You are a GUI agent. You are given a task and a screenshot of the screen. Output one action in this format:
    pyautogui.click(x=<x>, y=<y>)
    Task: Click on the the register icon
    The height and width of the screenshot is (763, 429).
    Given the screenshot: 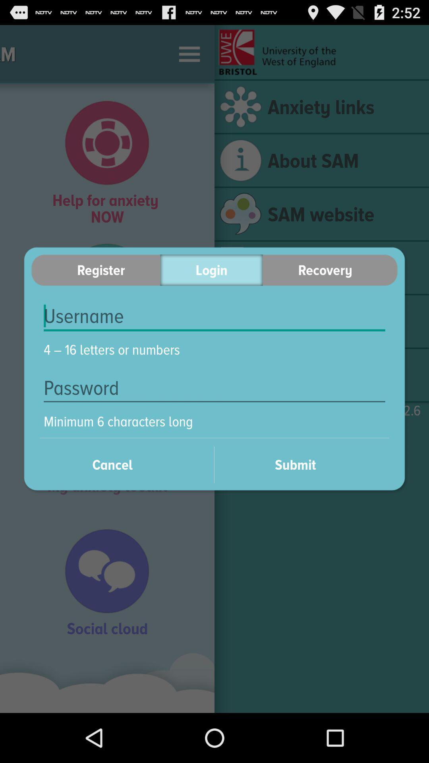 What is the action you would take?
    pyautogui.click(x=95, y=270)
    